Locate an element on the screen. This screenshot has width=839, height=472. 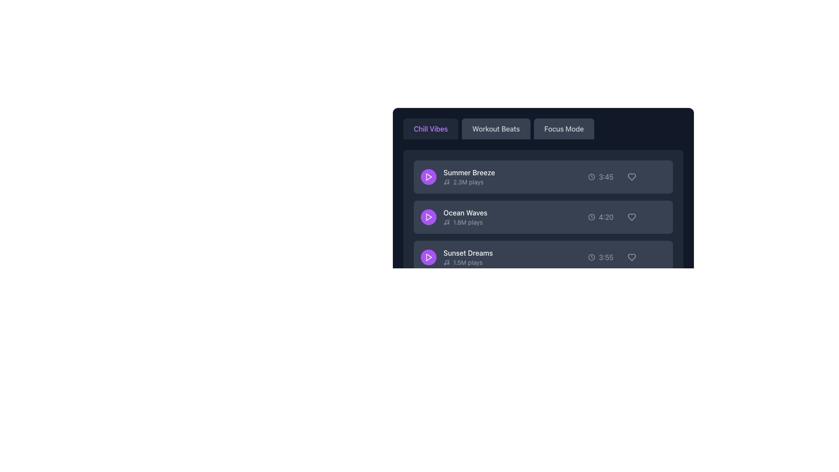
text label displaying the number of plays for the music item titled 'Ocean Waves', located to the right of the small music icon in the second item of the list structure is located at coordinates (467, 222).